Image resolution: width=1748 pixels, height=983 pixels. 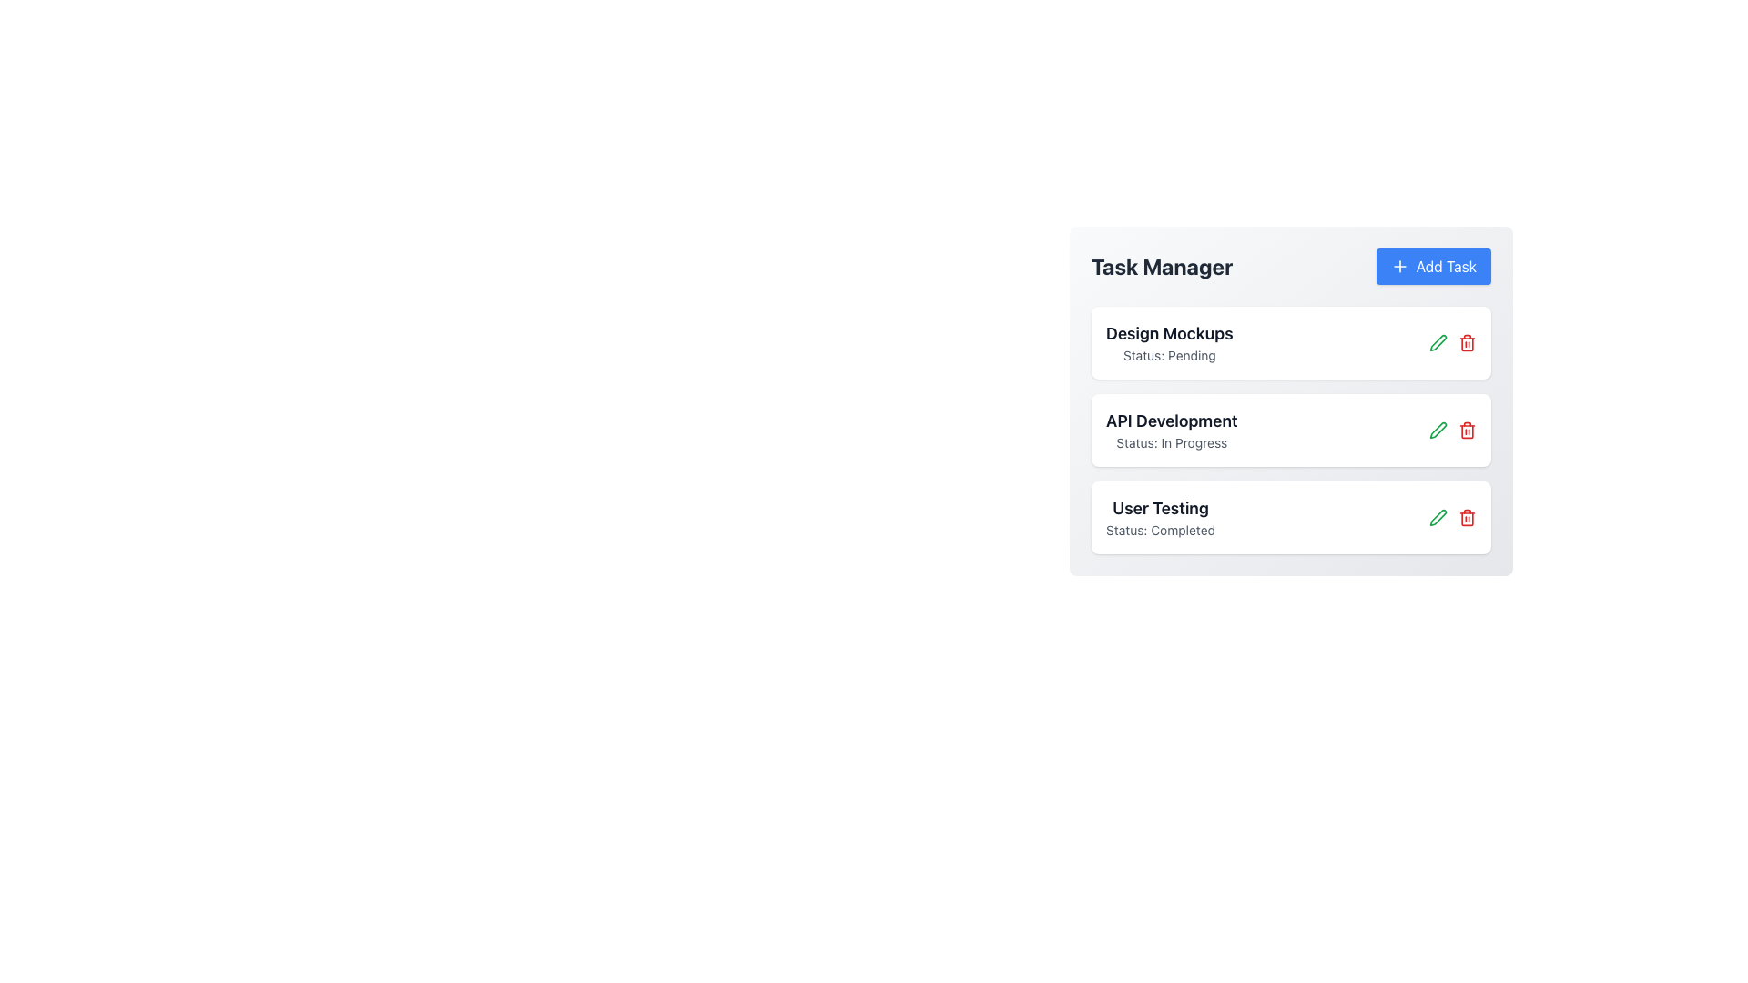 What do you see at coordinates (1172, 431) in the screenshot?
I see `the Text Label that indicates the task 'API Development' with the status 'In Progress', located in the second task card under the 'Task Manager' section` at bounding box center [1172, 431].